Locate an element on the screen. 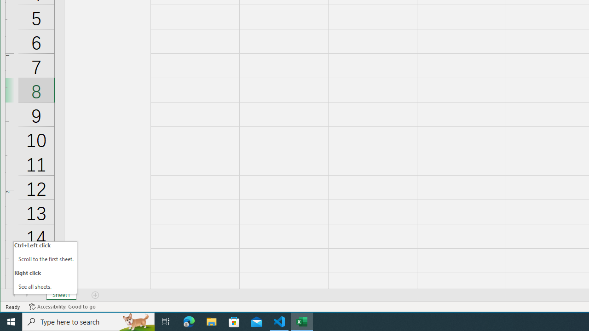 The width and height of the screenshot is (589, 331). 'Start' is located at coordinates (11, 321).